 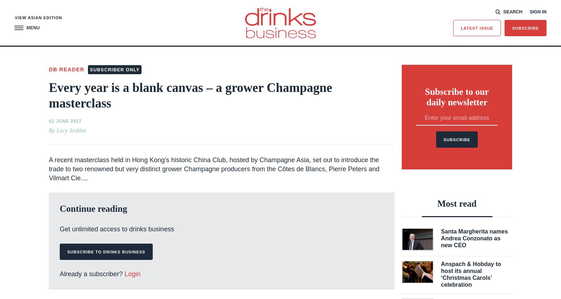 I want to click on 'A recent masterclass held in Hong Kong’s historic China Club, hosted by Champagne Asia, set out to introduce the trade to two renowned but very distinct grower Champagne producers from the Côtes de Blancs, Pierre Peters and Vilmart Cie....', so click(x=214, y=168).